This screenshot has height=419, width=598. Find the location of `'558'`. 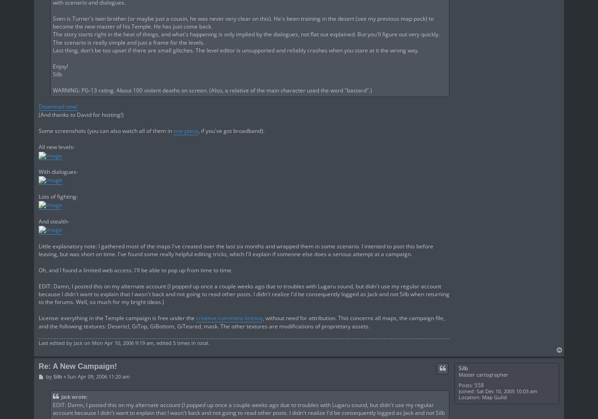

'558' is located at coordinates (478, 384).